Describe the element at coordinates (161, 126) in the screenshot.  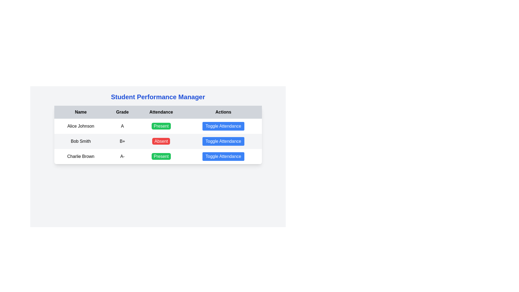
I see `the 'Present' status indicator button, which is a rounded rectangular button with a green background and white text, located in the Attendance column of the first row for Alice Johnson` at that location.